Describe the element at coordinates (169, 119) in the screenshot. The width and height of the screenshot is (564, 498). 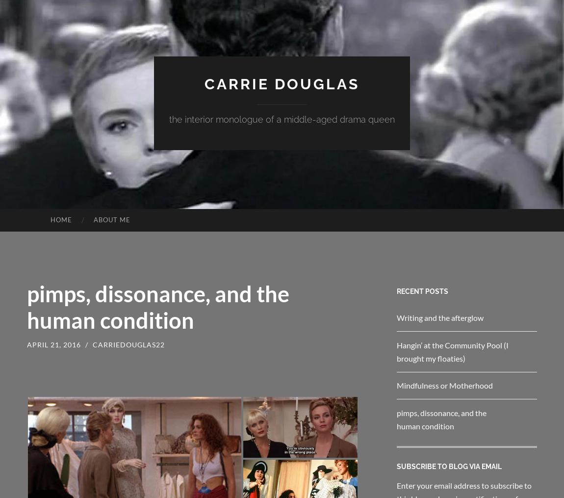
I see `'the interior monologue of a middle-aged drama queen'` at that location.